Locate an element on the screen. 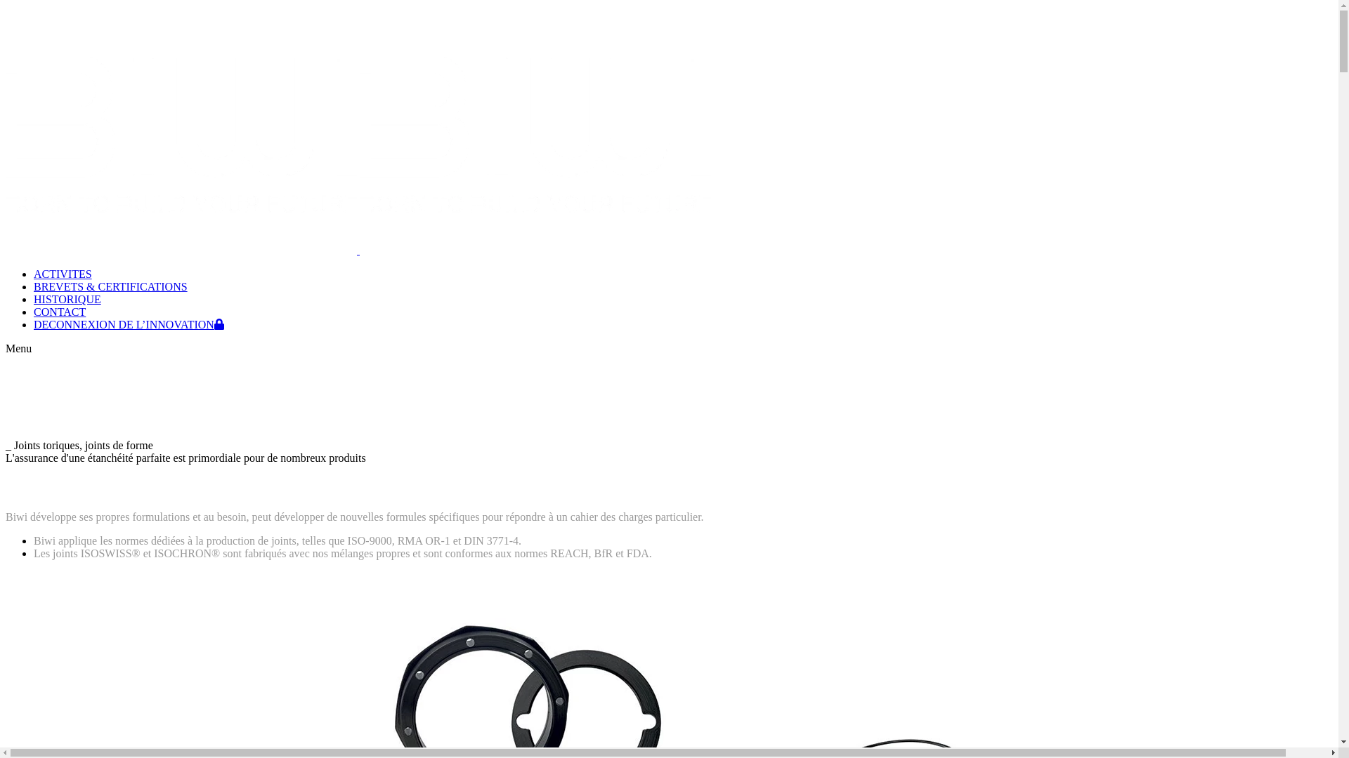 The width and height of the screenshot is (1349, 758). 'HISTORIQUE' is located at coordinates (34, 298).